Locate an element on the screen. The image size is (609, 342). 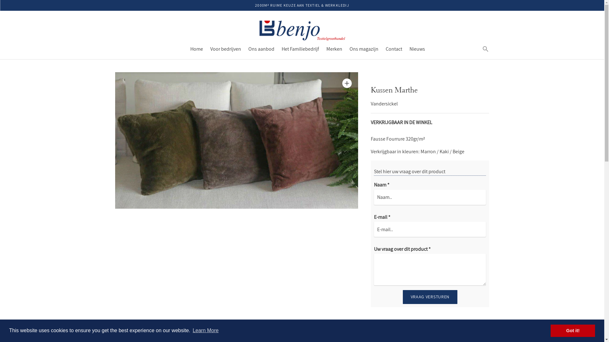
'Home' is located at coordinates (196, 48).